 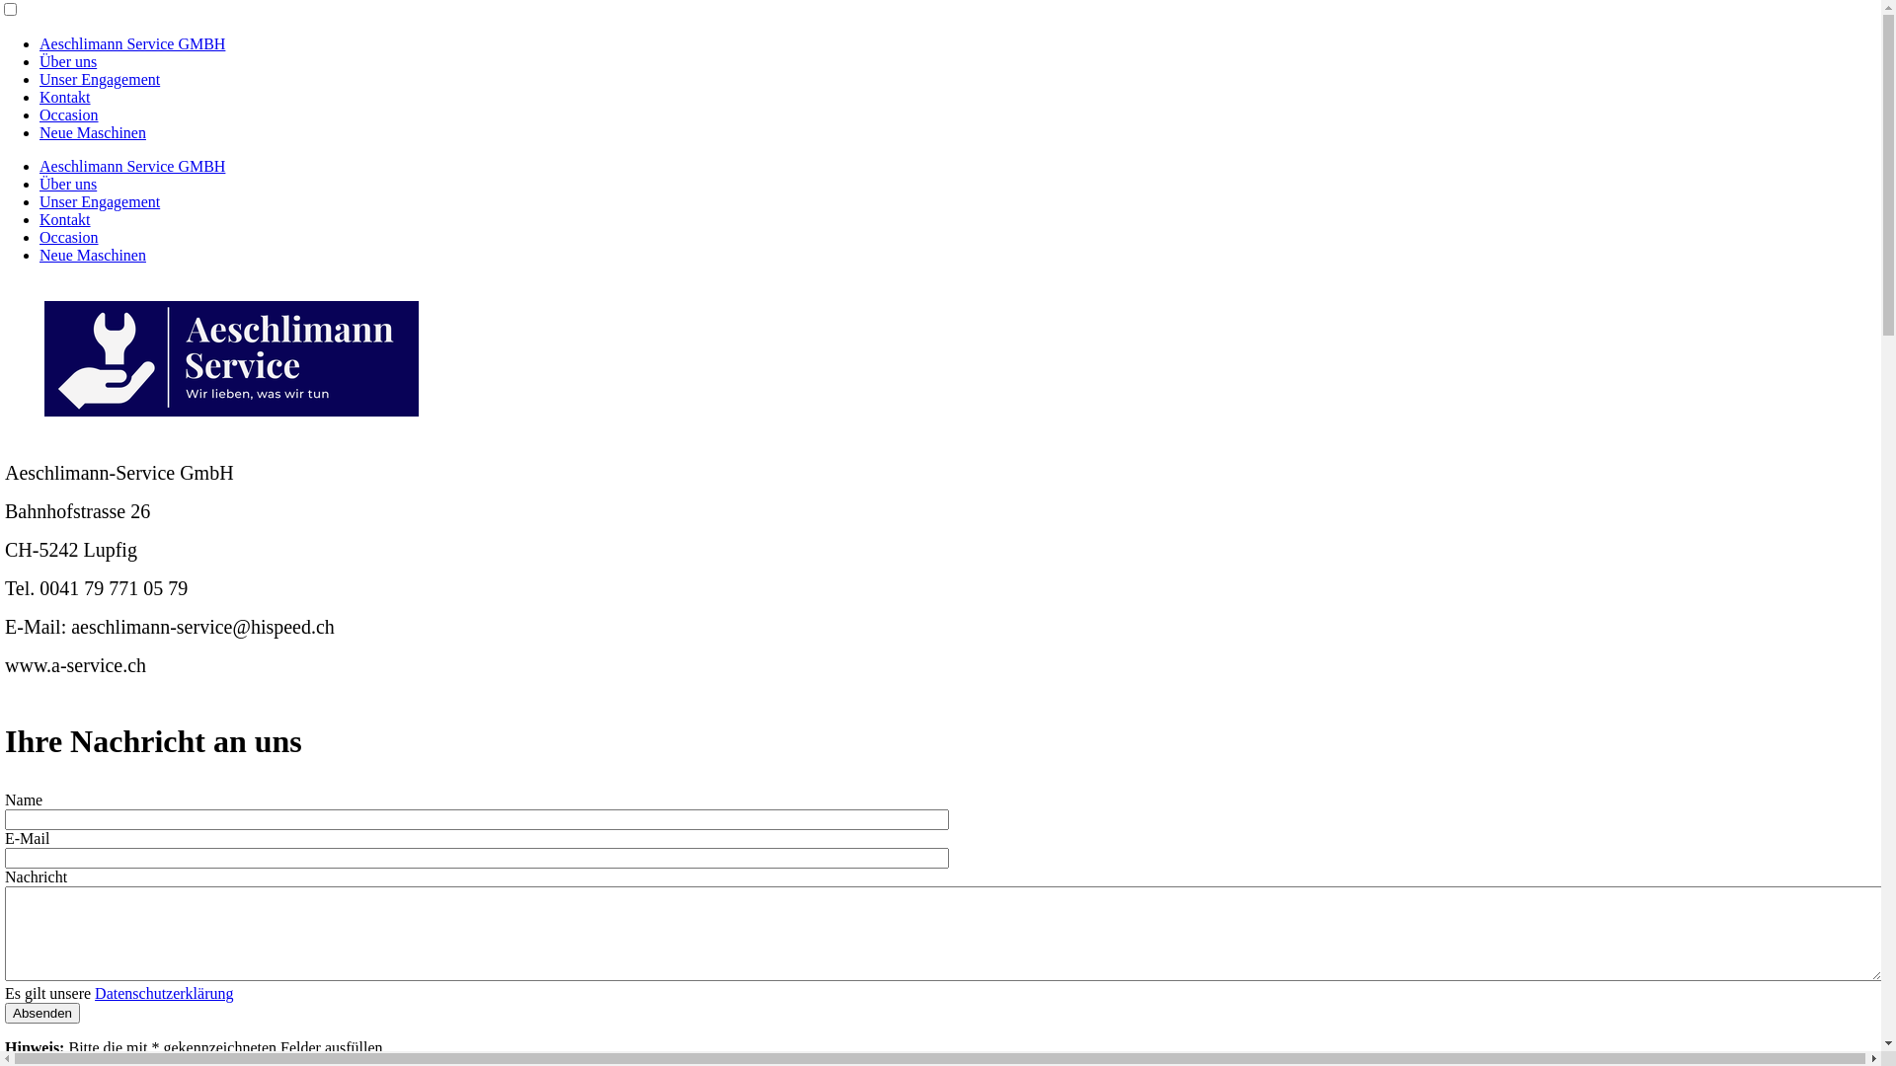 I want to click on 'Unser Engagement', so click(x=98, y=201).